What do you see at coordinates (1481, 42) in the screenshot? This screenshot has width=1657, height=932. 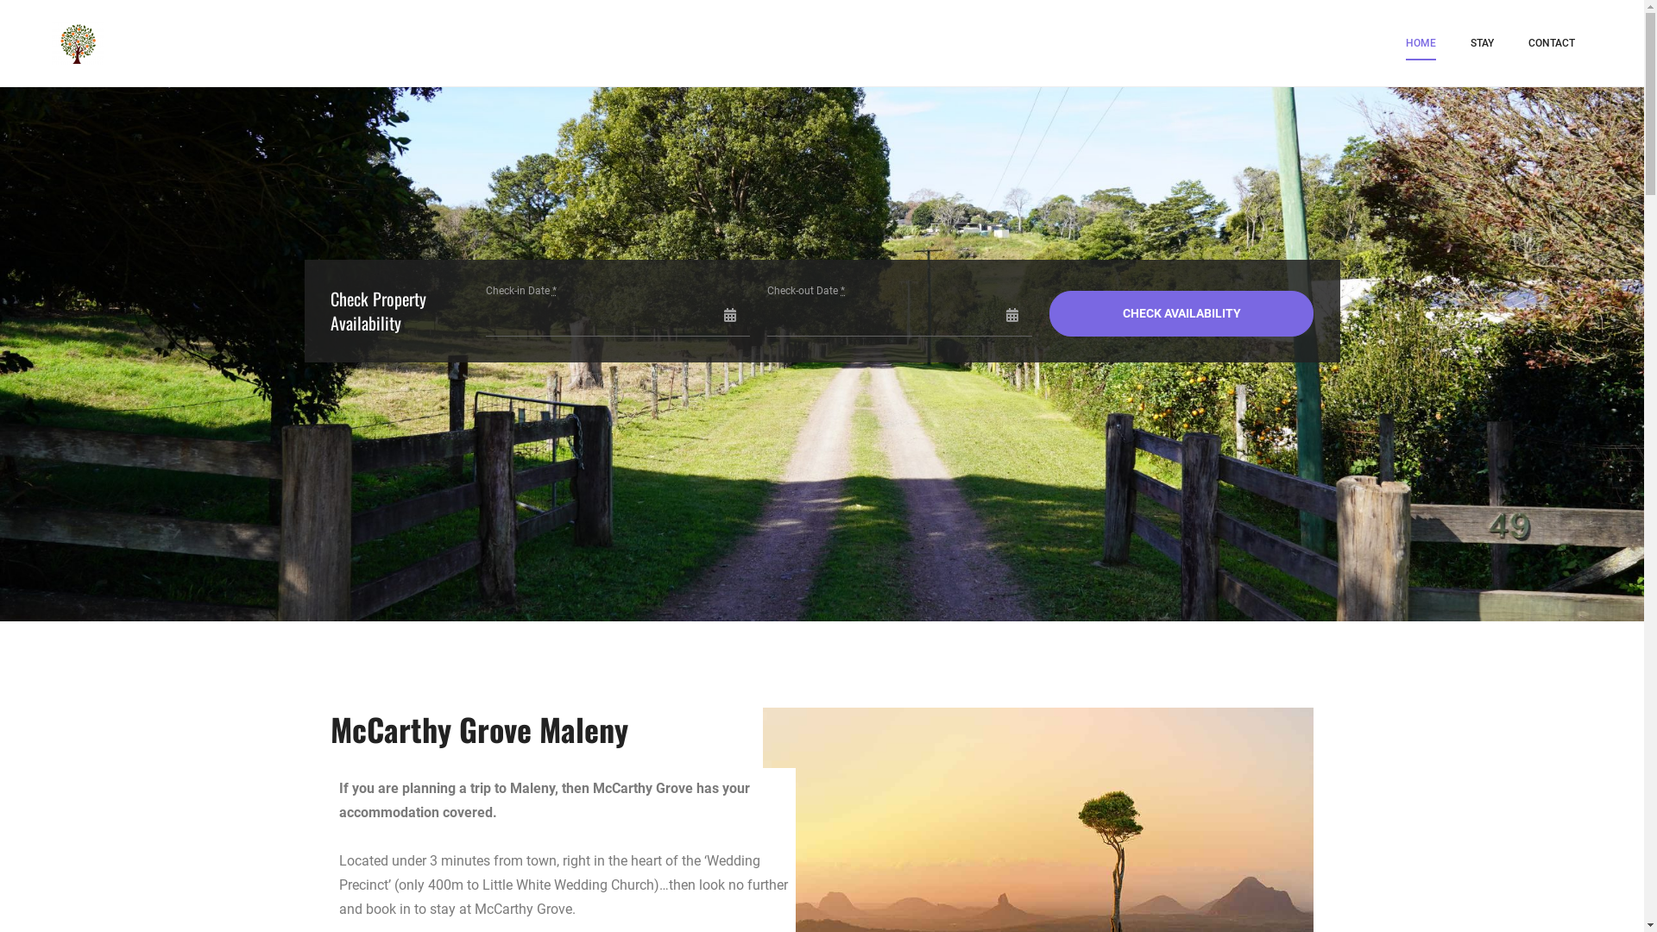 I see `'STAY'` at bounding box center [1481, 42].